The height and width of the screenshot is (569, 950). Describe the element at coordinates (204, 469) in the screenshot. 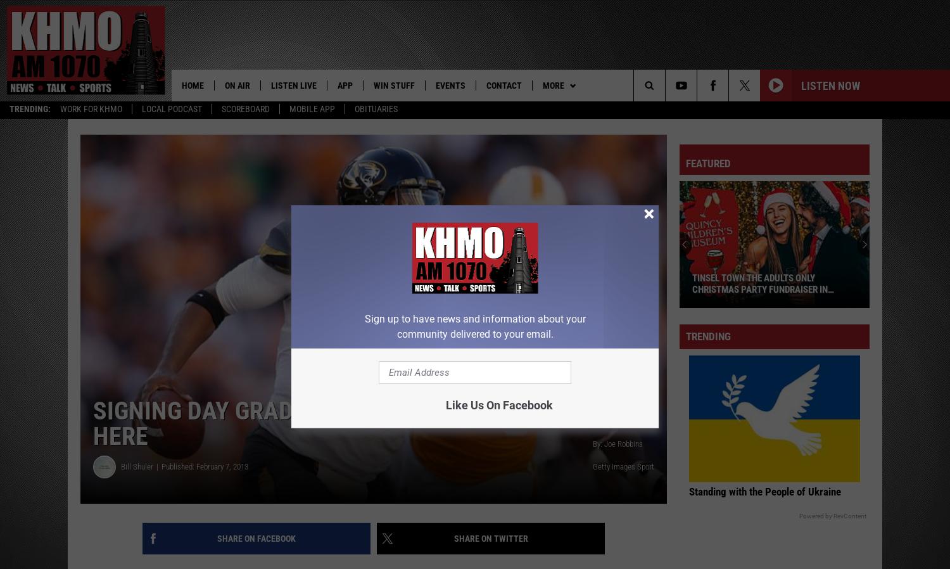

I see `'Published: February 7, 2013'` at that location.